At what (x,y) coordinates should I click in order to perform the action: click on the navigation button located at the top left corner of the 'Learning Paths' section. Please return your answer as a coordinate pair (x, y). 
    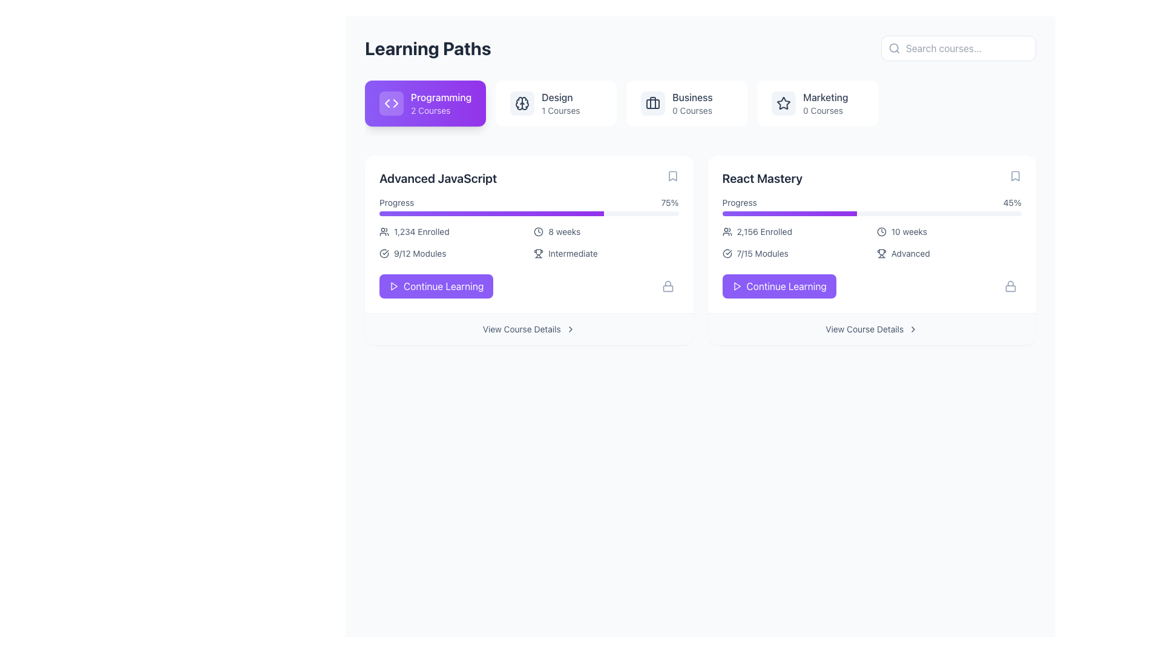
    Looking at the image, I should click on (425, 102).